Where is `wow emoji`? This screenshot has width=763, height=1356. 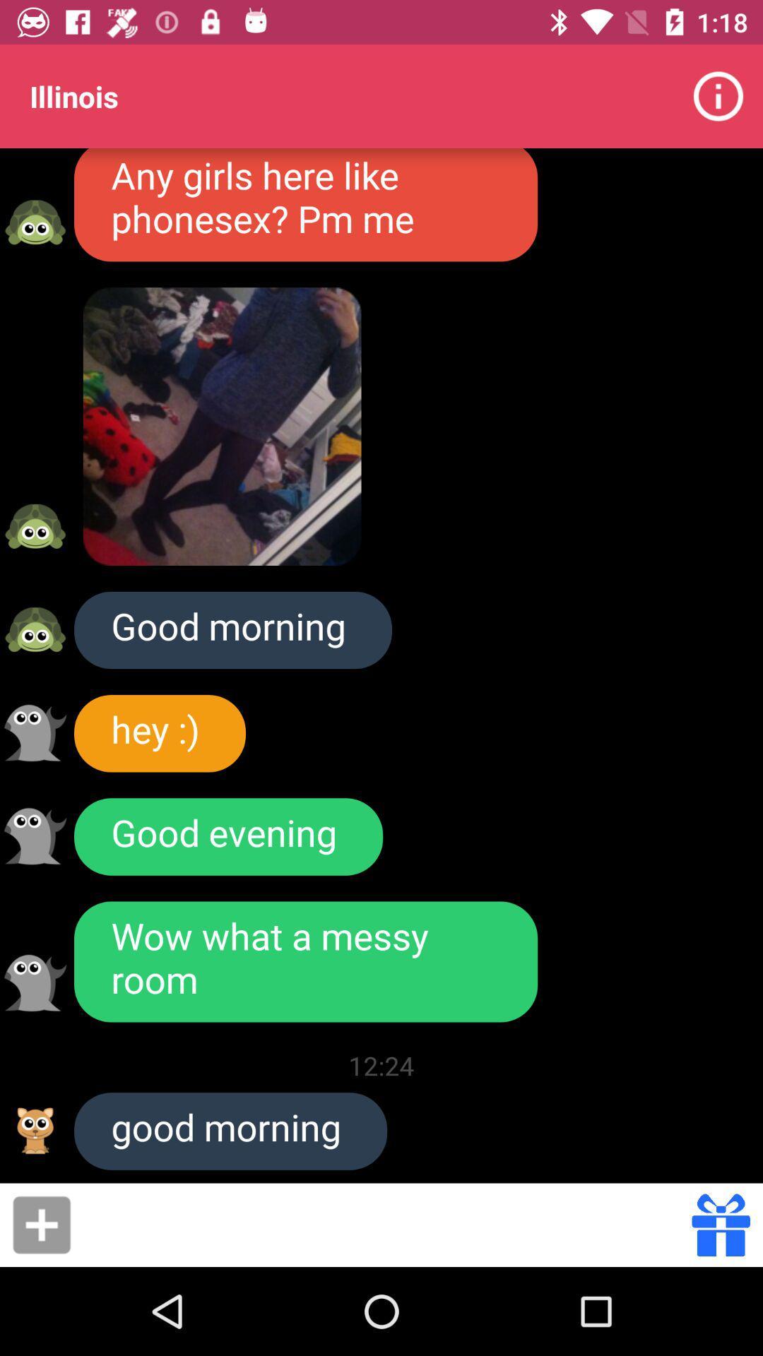 wow emoji is located at coordinates (35, 982).